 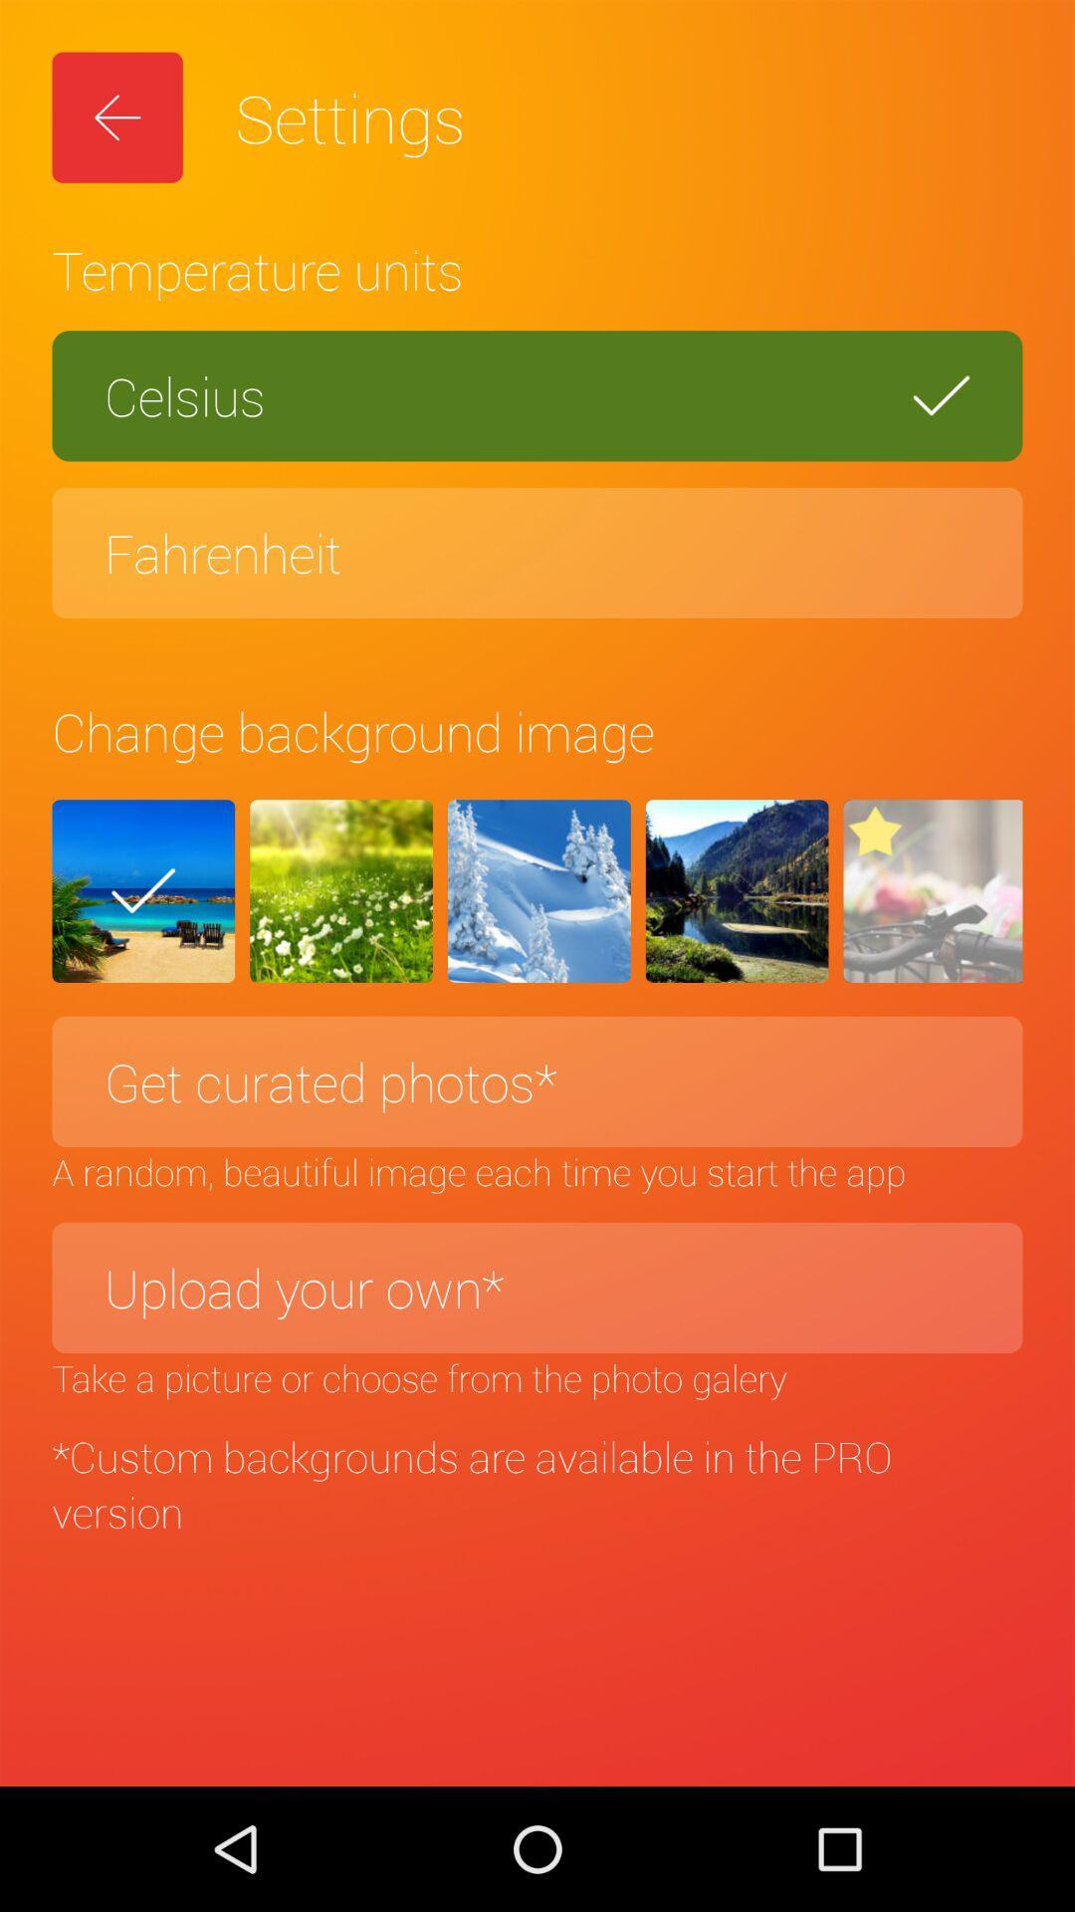 I want to click on icon above the get curated photos* item, so click(x=142, y=890).